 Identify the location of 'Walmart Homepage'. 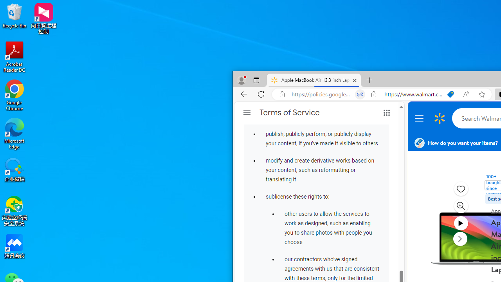
(440, 118).